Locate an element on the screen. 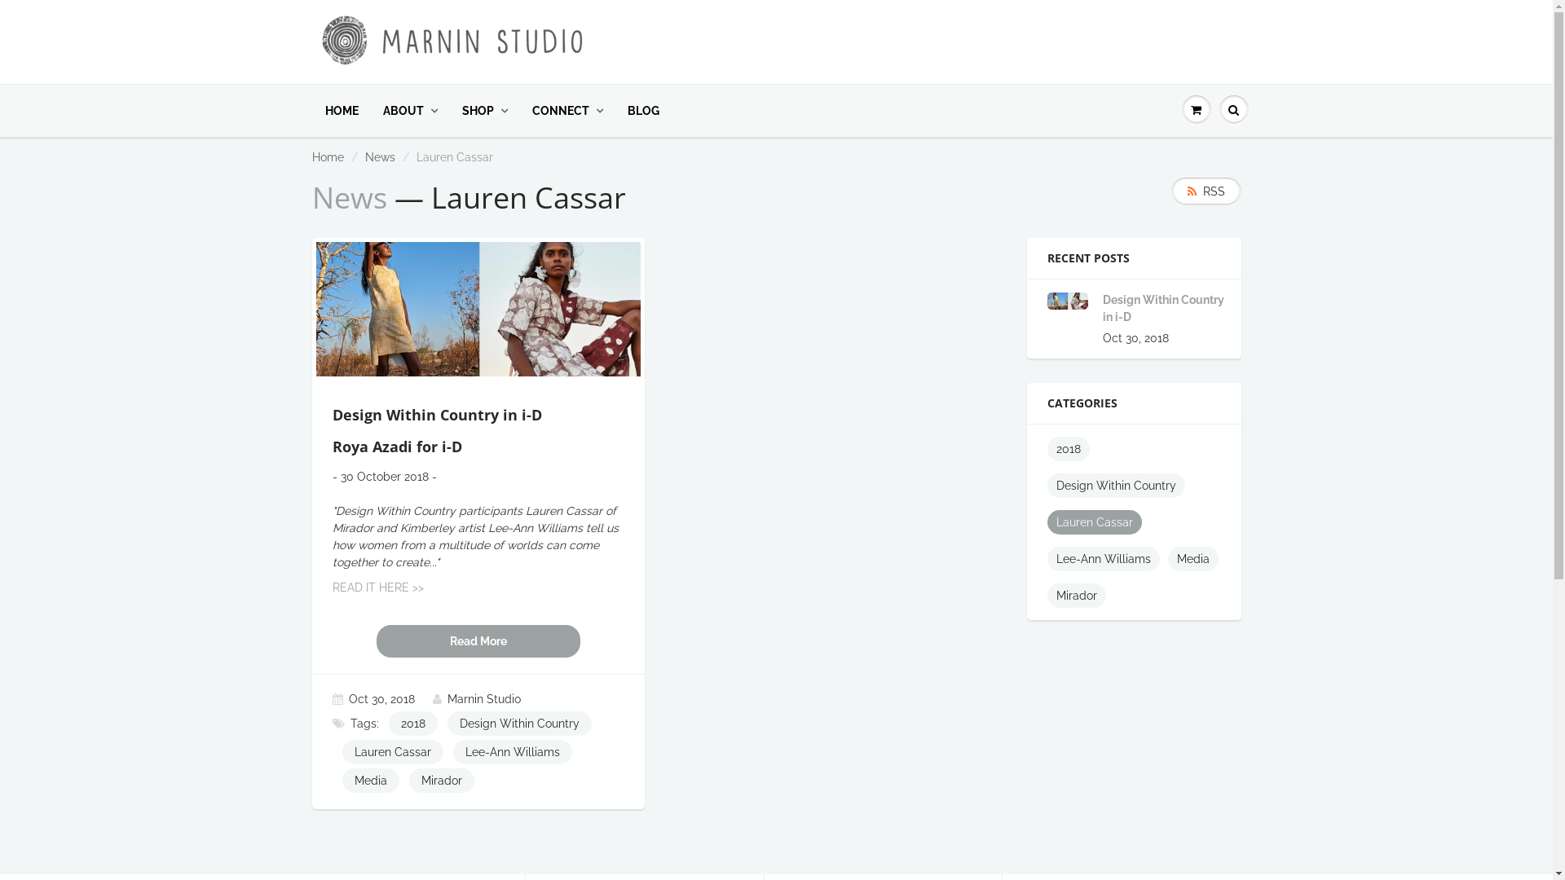 The width and height of the screenshot is (1565, 880). 'Lee-Ann Williams' is located at coordinates (511, 751).